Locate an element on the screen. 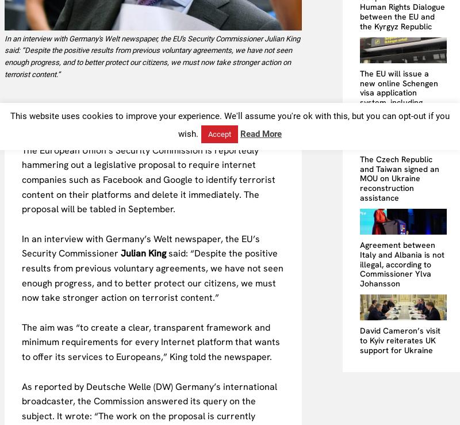 Image resolution: width=460 pixels, height=425 pixels. 'David Cameron’s visit to Kyiv reiterates UK support for Ukraine' is located at coordinates (400, 340).